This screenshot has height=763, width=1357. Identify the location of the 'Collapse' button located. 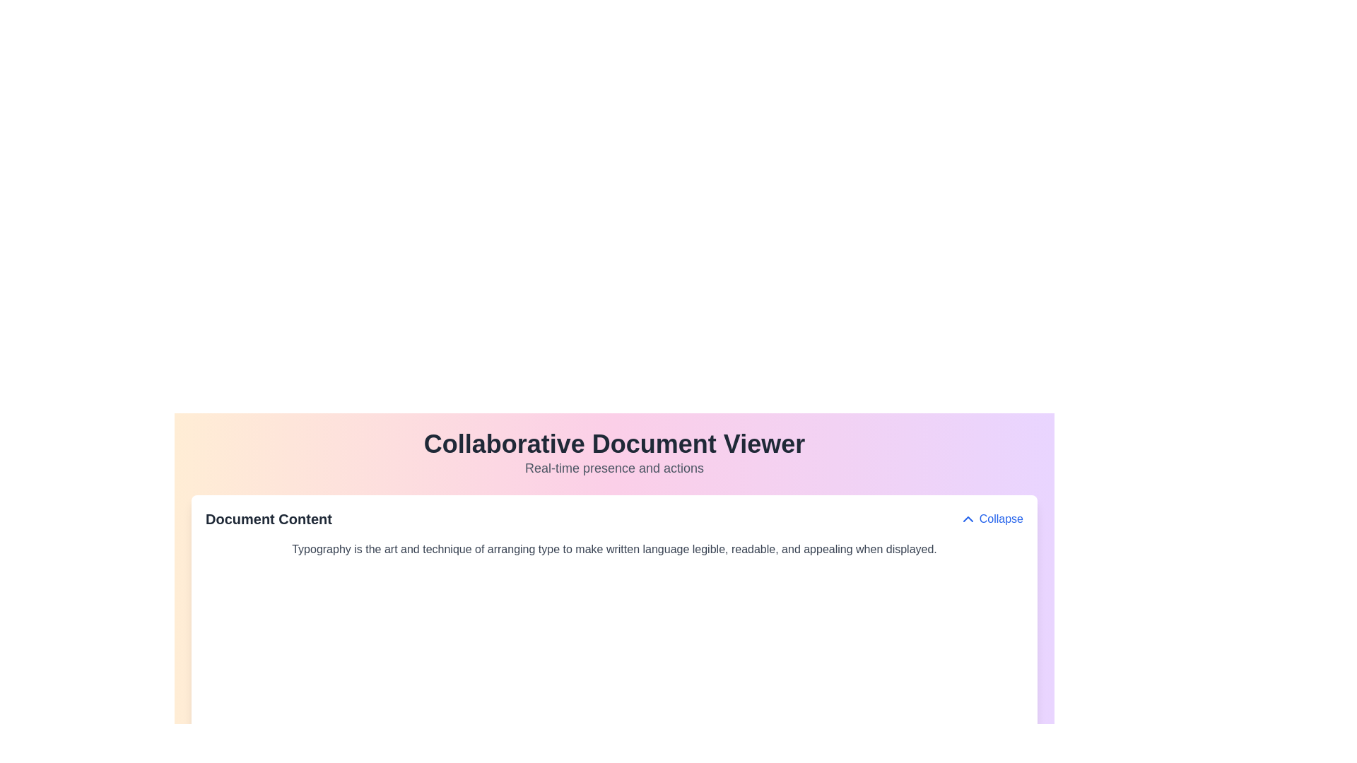
(990, 519).